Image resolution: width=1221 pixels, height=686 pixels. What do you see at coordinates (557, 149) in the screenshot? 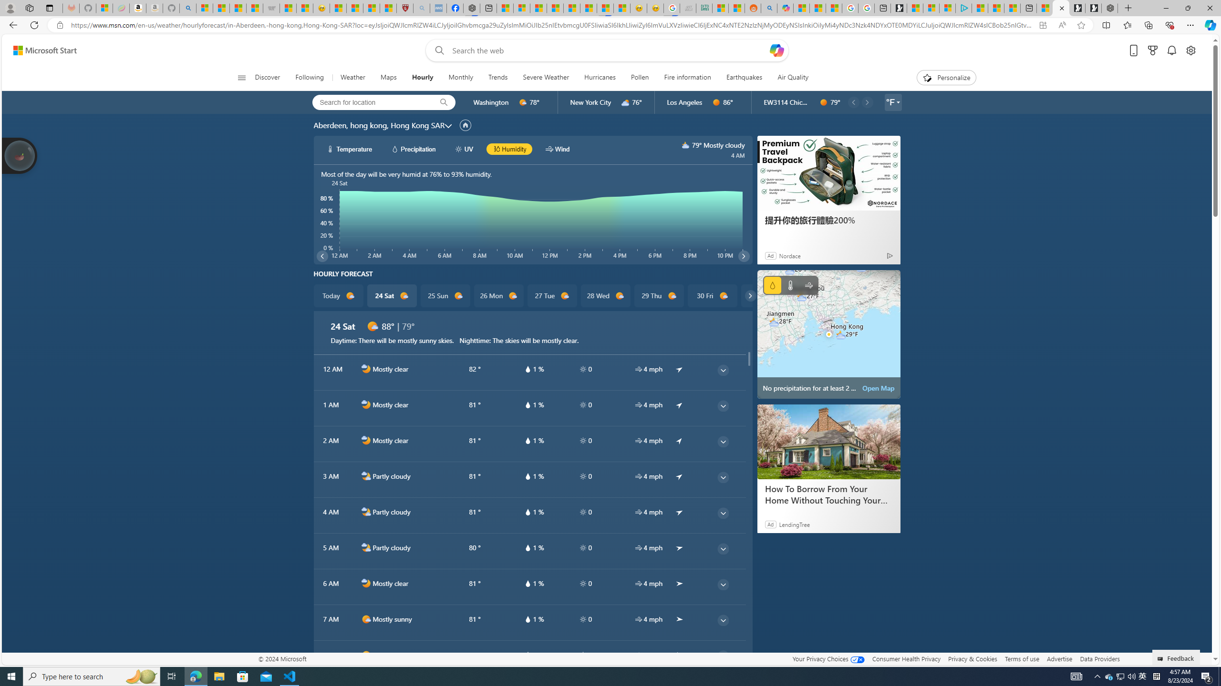
I see `'hourlyChart/windWhite Wind'` at bounding box center [557, 149].